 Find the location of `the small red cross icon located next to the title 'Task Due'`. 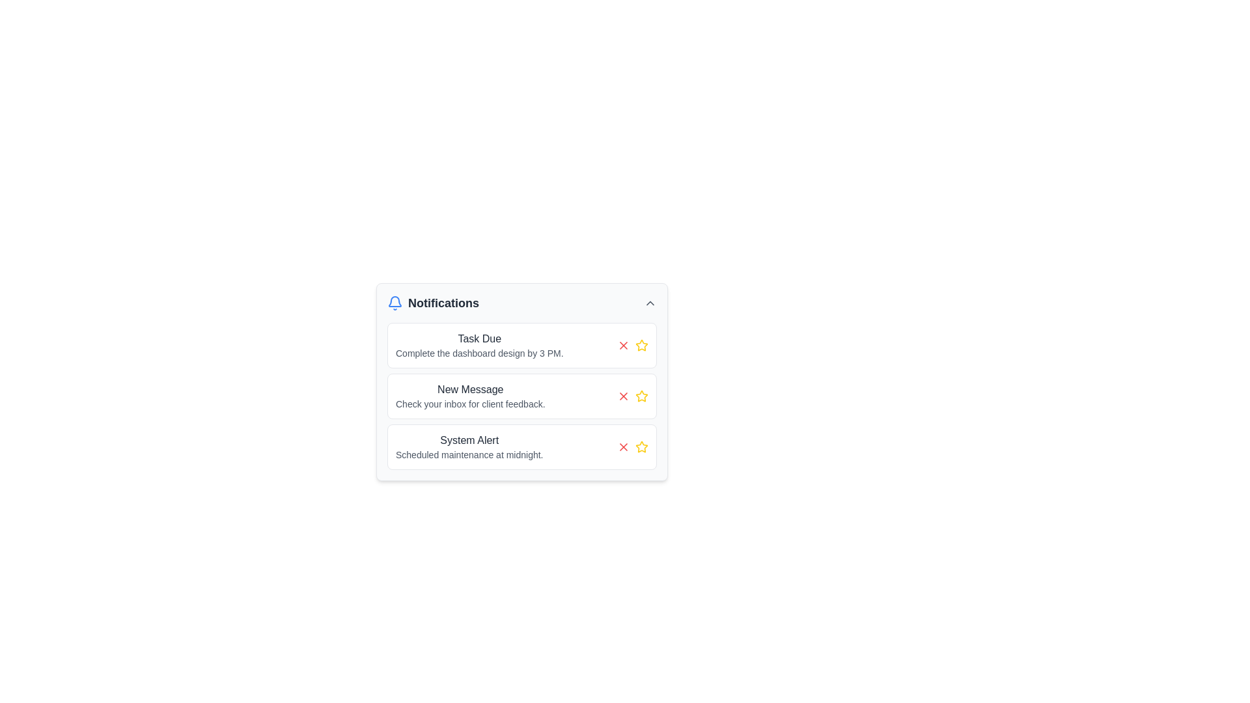

the small red cross icon located next to the title 'Task Due' is located at coordinates (623, 345).